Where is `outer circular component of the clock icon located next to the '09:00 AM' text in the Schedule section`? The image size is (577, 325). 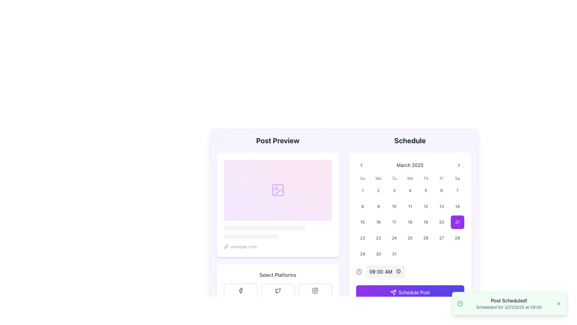
outer circular component of the clock icon located next to the '09:00 AM' text in the Schedule section is located at coordinates (359, 271).